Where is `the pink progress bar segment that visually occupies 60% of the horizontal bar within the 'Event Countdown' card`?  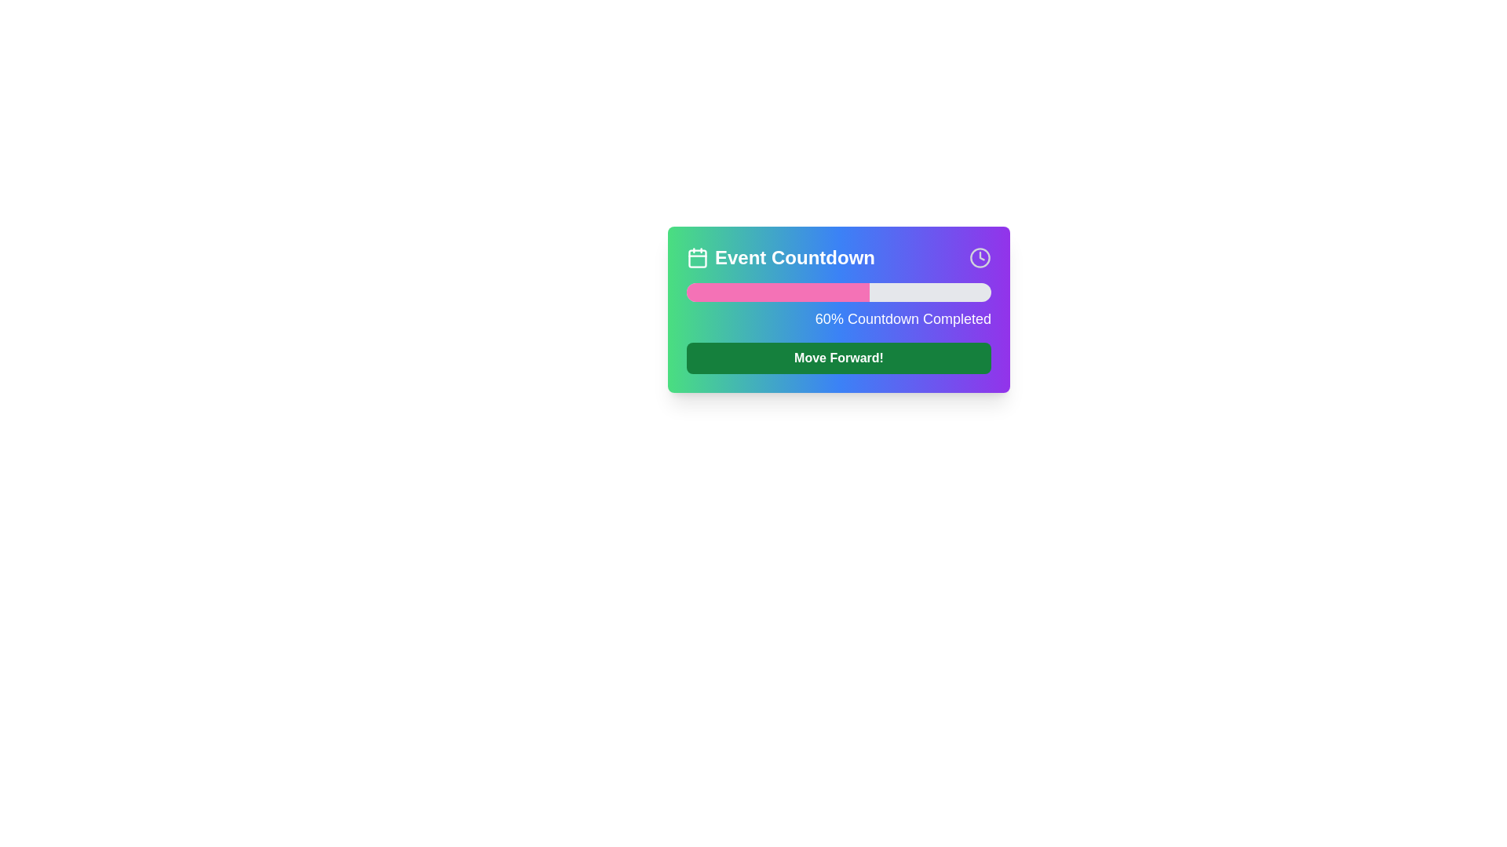
the pink progress bar segment that visually occupies 60% of the horizontal bar within the 'Event Countdown' card is located at coordinates (778, 293).